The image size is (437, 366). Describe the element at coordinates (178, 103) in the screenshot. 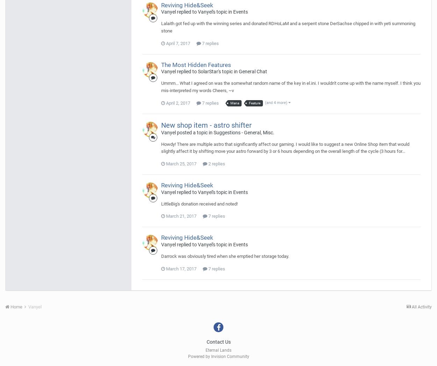

I see `'April 2, 2017'` at that location.